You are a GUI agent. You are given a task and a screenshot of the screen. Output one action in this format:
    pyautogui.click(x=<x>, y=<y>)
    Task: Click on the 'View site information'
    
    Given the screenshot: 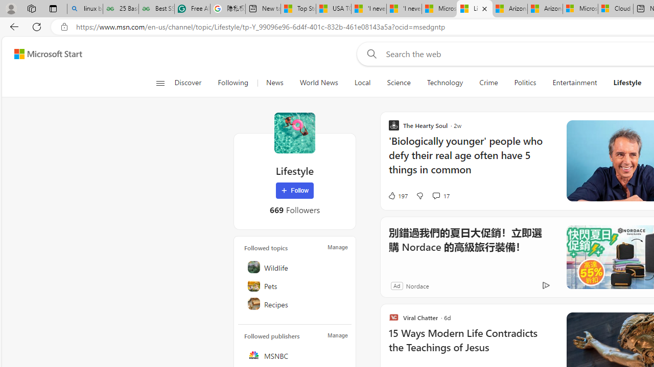 What is the action you would take?
    pyautogui.click(x=64, y=27)
    